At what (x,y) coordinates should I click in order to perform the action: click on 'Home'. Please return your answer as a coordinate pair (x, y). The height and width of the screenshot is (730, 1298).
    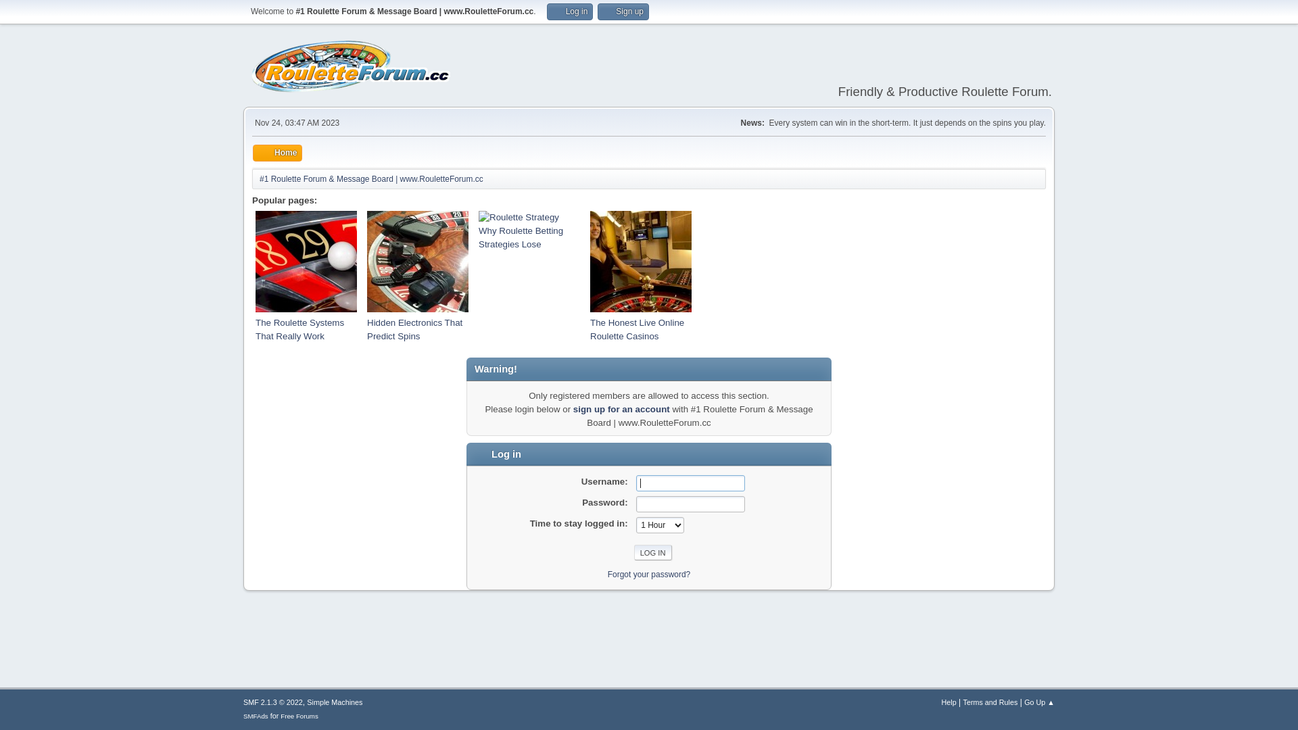
    Looking at the image, I should click on (277, 152).